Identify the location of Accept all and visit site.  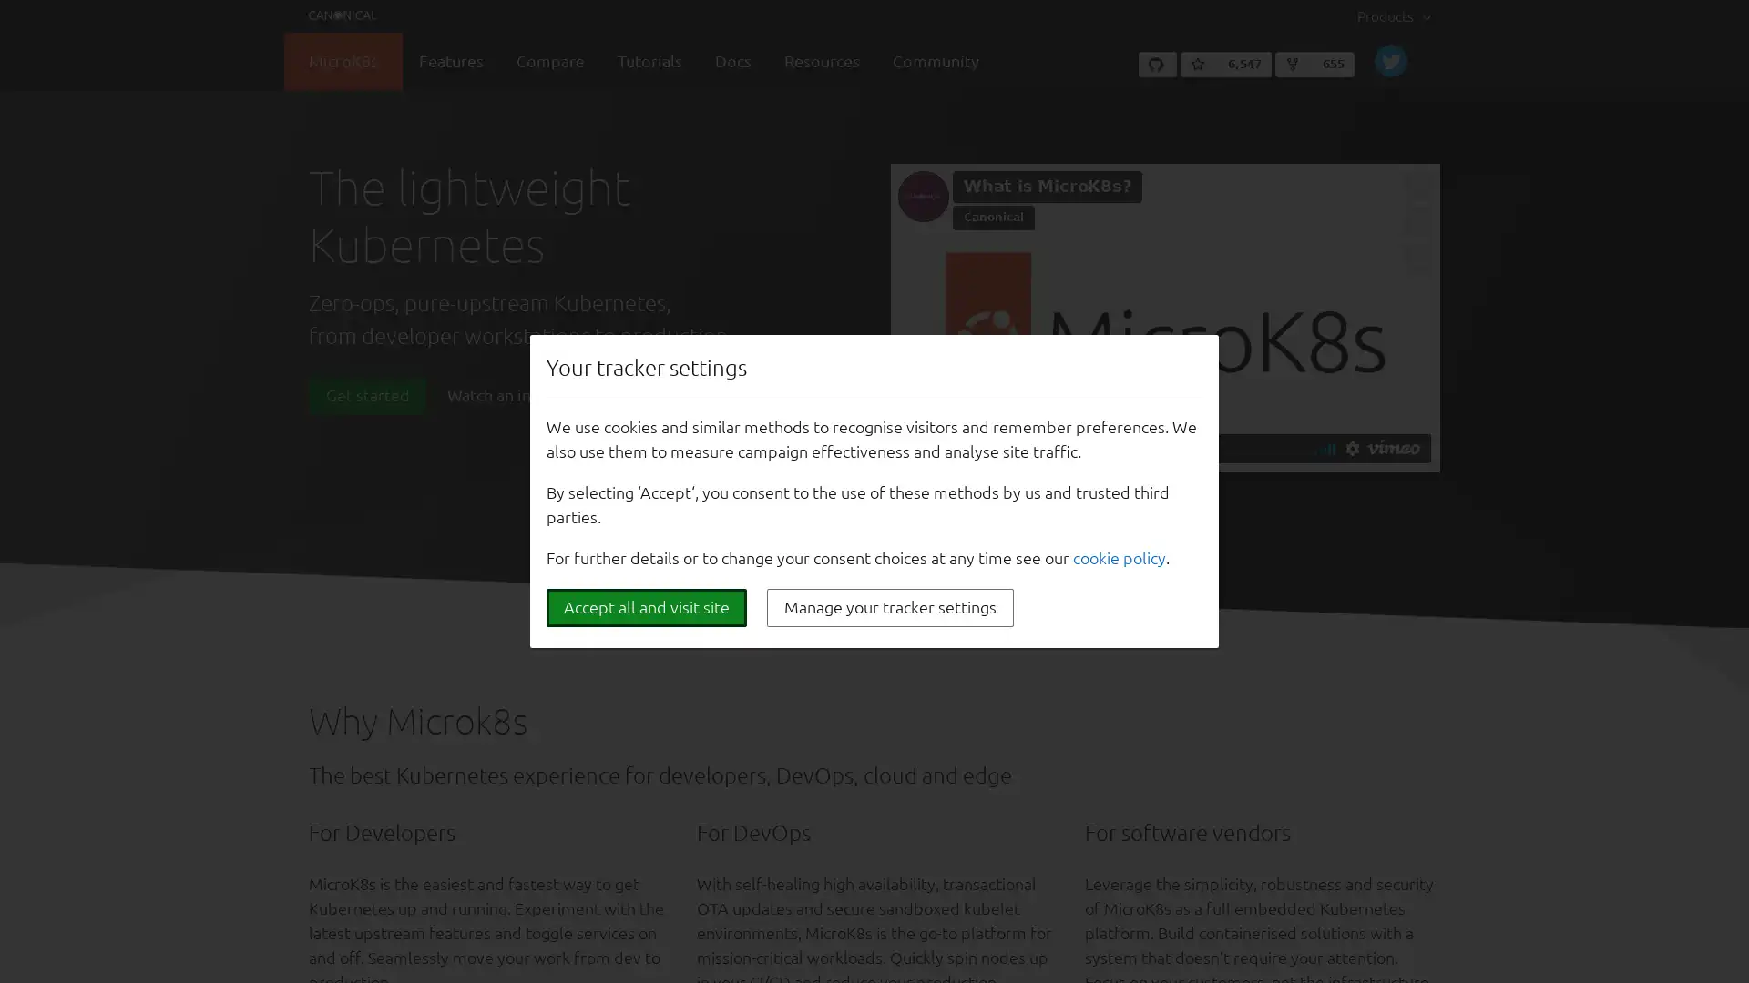
(647, 607).